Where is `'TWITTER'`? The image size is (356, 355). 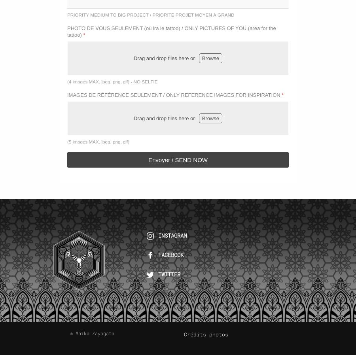
'TWITTER' is located at coordinates (169, 274).